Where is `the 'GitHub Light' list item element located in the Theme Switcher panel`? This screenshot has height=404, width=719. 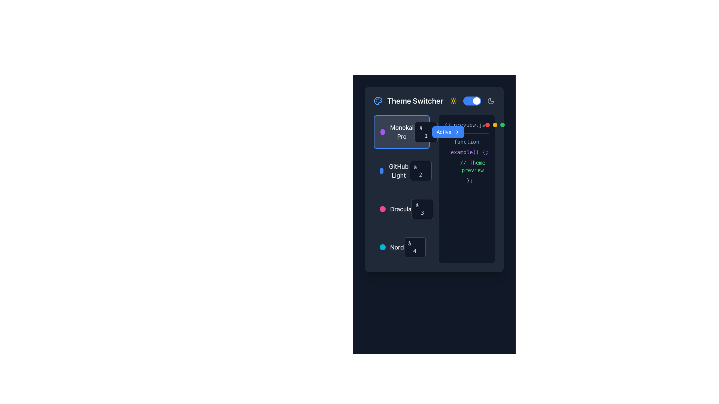
the 'GitHub Light' list item element located in the Theme Switcher panel is located at coordinates (394, 171).